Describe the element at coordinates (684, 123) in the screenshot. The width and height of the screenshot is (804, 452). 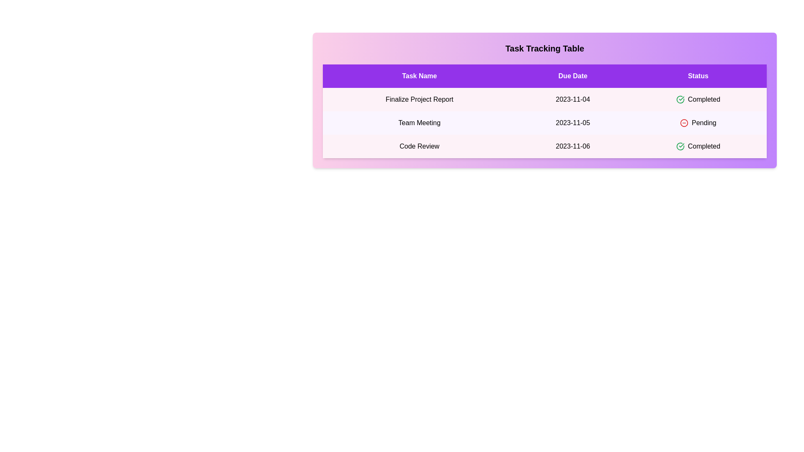
I see `the status icon for the task with status Pending` at that location.